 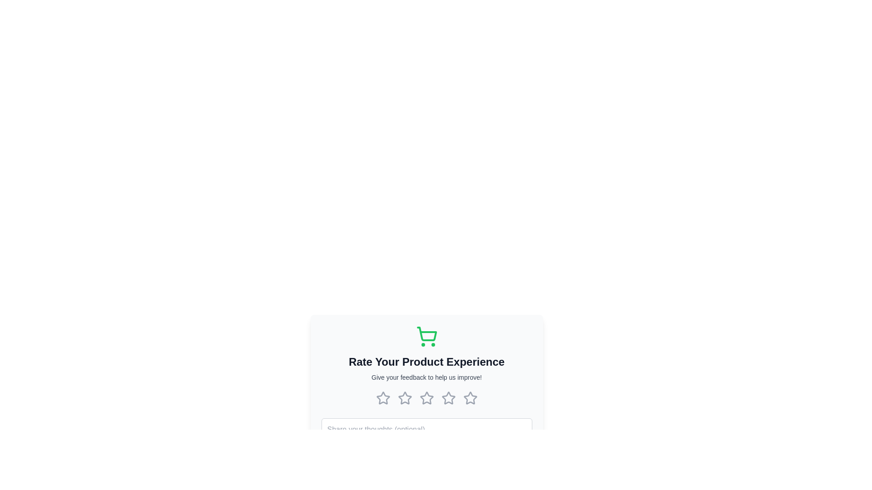 What do you see at coordinates (448, 398) in the screenshot?
I see `the third star icon in the interactive star rating system` at bounding box center [448, 398].